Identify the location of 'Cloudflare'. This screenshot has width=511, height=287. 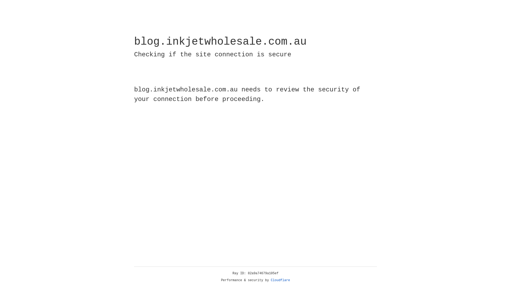
(280, 280).